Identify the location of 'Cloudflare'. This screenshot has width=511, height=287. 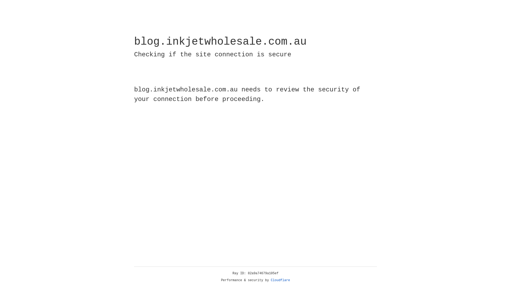
(280, 280).